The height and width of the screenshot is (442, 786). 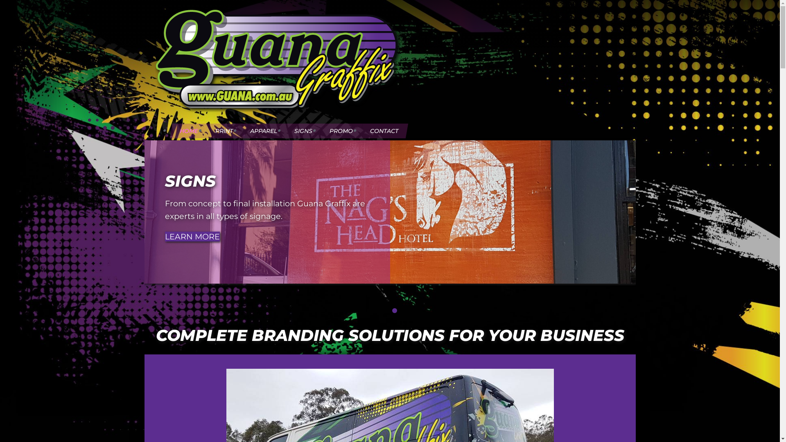 I want to click on 'CONTACT', so click(x=384, y=131).